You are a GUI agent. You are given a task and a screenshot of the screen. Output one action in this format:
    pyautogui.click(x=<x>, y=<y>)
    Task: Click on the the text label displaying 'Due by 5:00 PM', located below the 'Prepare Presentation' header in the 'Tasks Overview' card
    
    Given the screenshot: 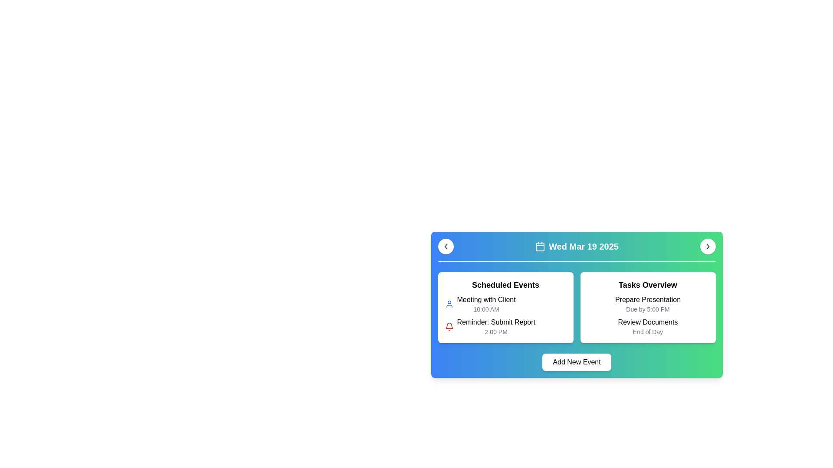 What is the action you would take?
    pyautogui.click(x=648, y=309)
    